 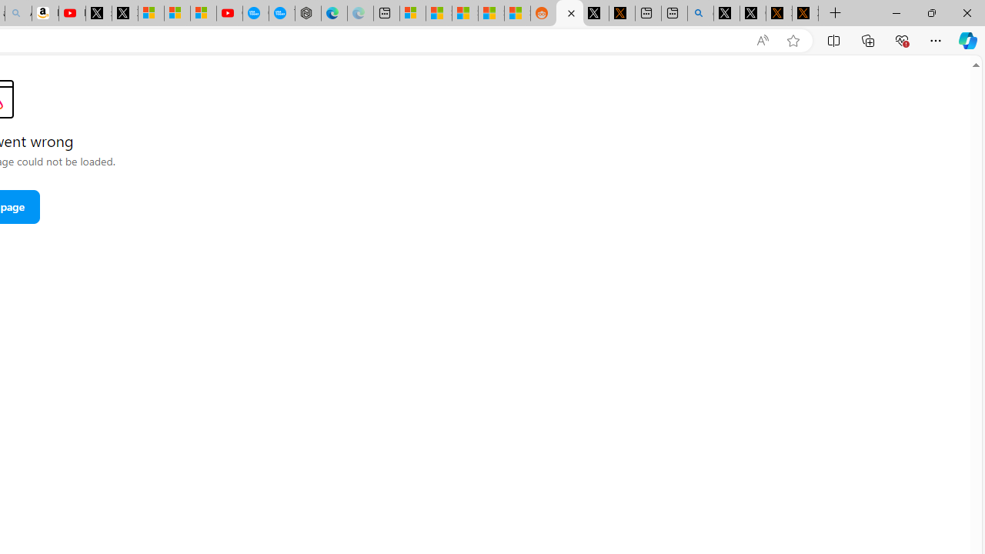 What do you see at coordinates (753, 13) in the screenshot?
I see `'GitHub (@github) / X'` at bounding box center [753, 13].